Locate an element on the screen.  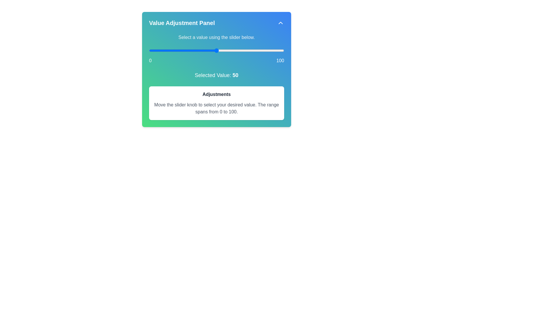
the slider value is located at coordinates (224, 50).